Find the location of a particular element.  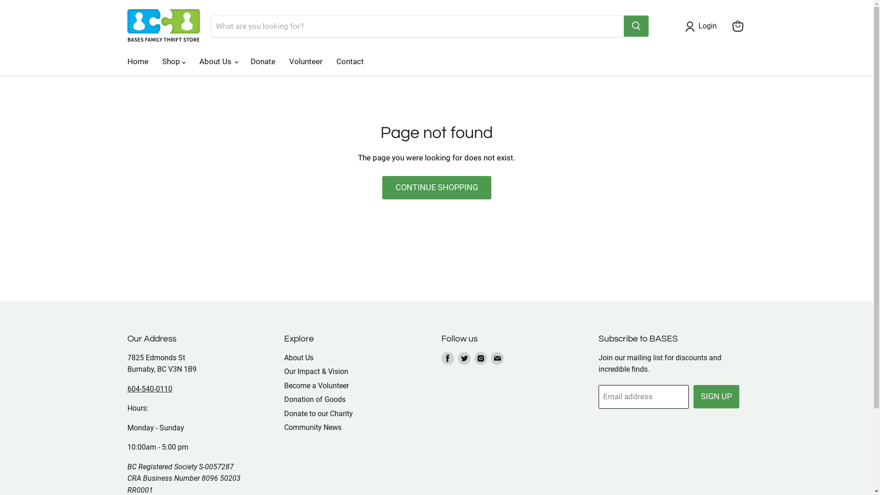

'Donate' is located at coordinates (263, 61).